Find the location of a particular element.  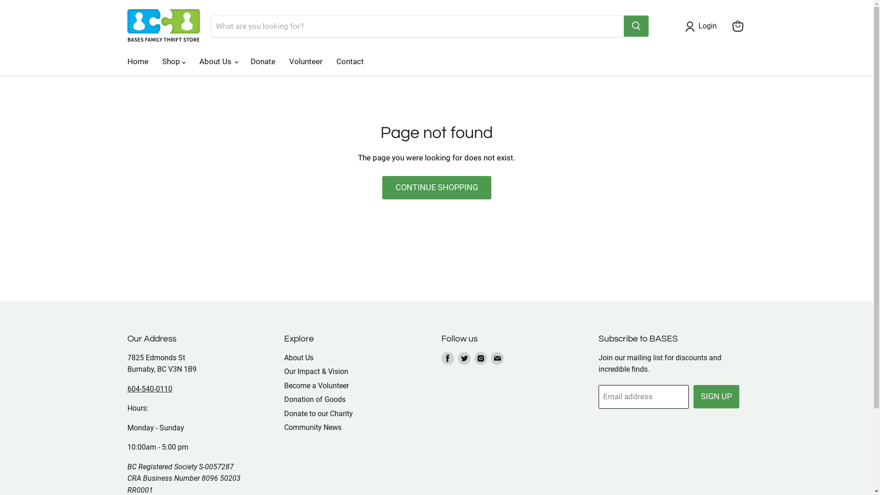

'Donate' is located at coordinates (263, 61).